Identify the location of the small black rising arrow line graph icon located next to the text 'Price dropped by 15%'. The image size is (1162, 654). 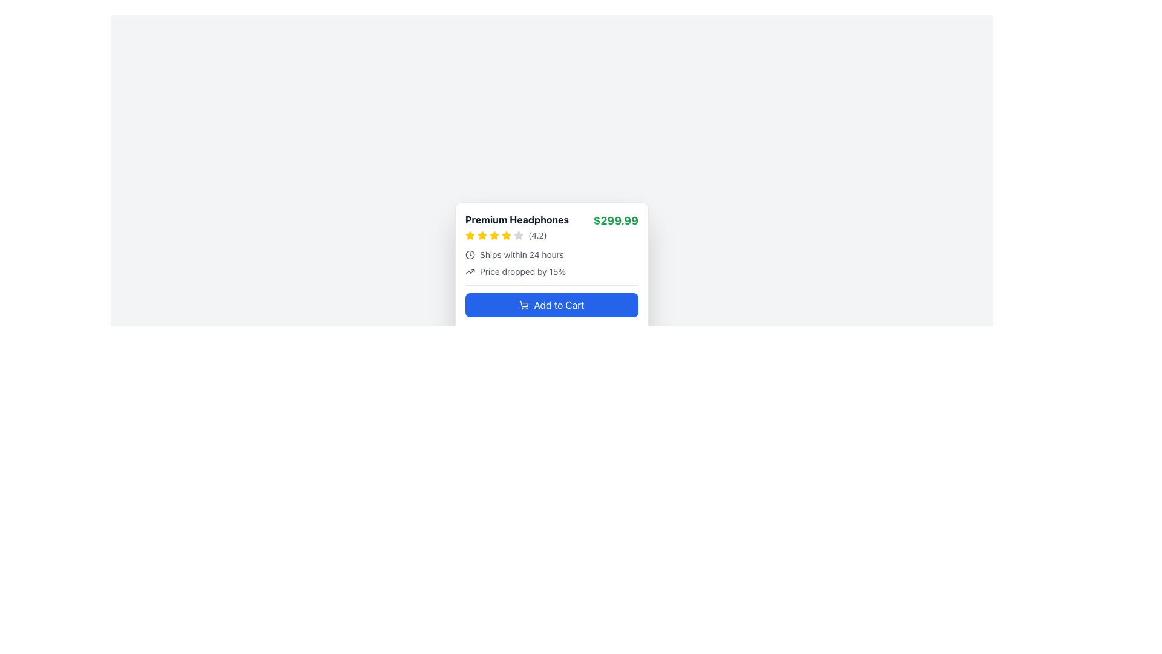
(470, 271).